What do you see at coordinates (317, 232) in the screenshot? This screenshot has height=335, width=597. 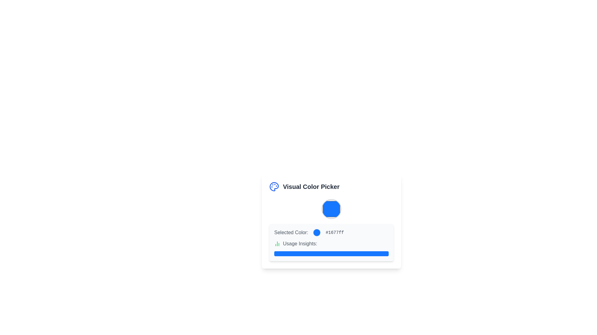 I see `the Color preview indicator which shows the currently selected color, positioned between the 'Selected Color:' text and the color hex code '#1677ff'` at bounding box center [317, 232].